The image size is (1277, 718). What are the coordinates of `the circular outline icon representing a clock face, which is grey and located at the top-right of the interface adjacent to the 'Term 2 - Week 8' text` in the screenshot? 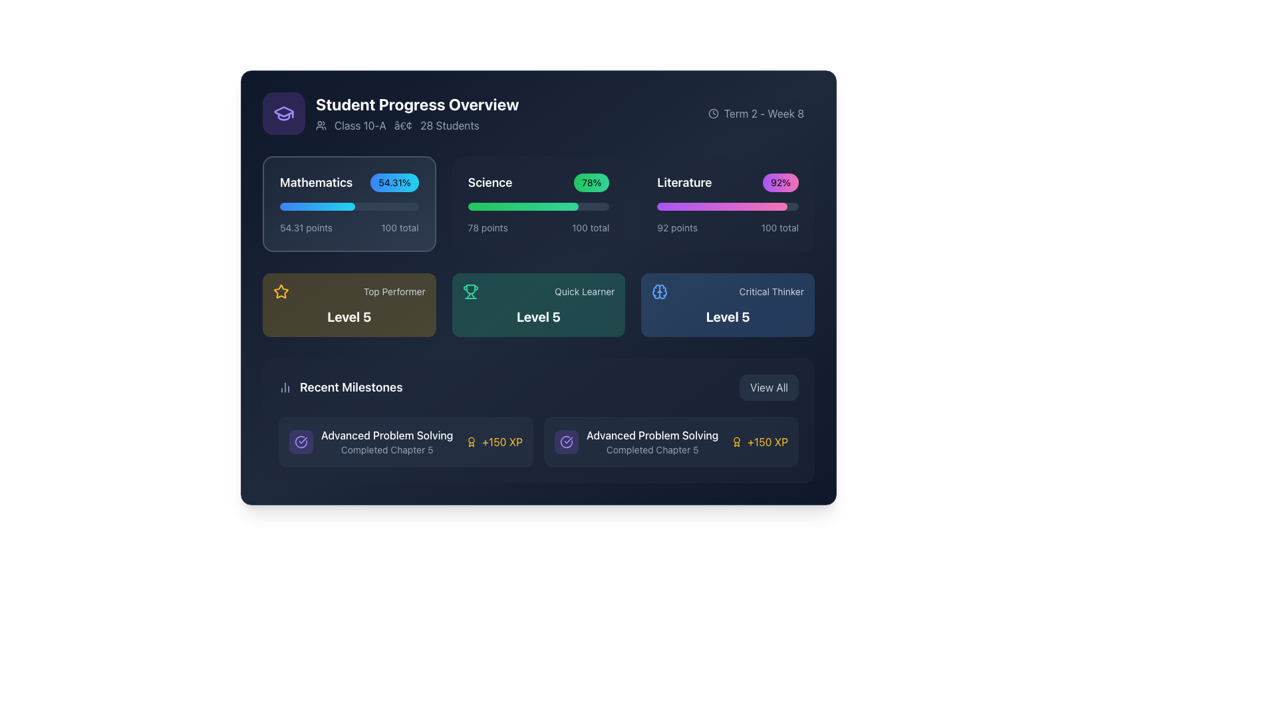 It's located at (712, 112).